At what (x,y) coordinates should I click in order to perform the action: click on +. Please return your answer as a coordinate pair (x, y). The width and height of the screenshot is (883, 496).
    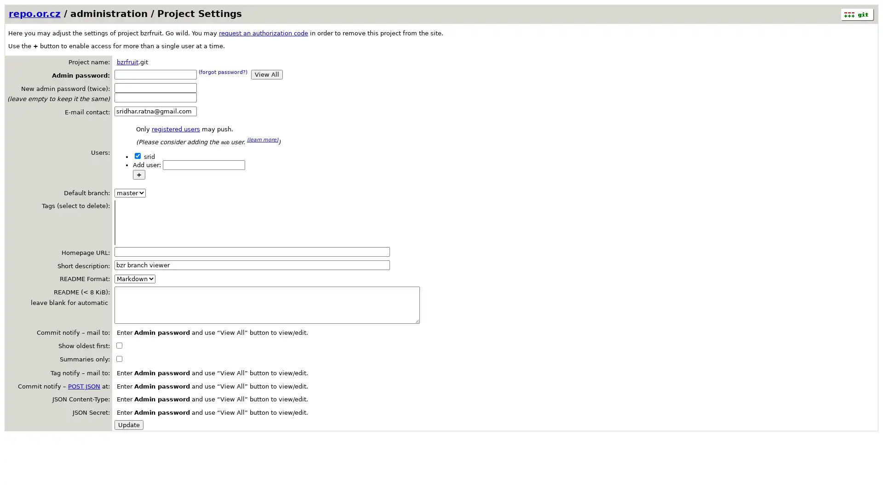
    Looking at the image, I should click on (138, 174).